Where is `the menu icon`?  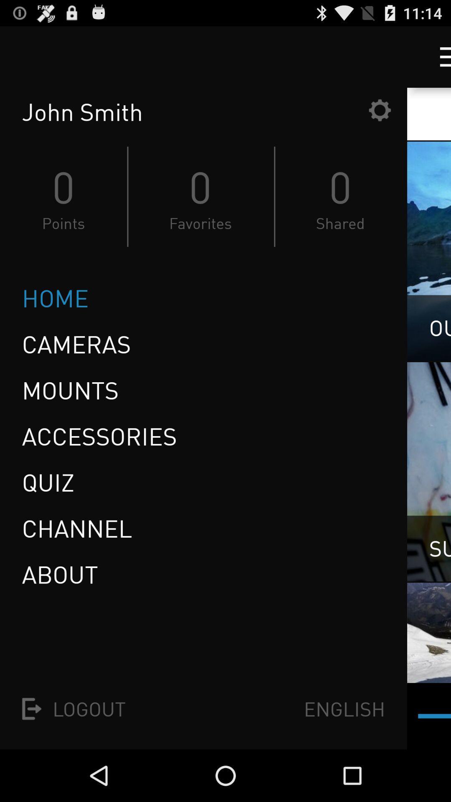
the menu icon is located at coordinates (437, 60).